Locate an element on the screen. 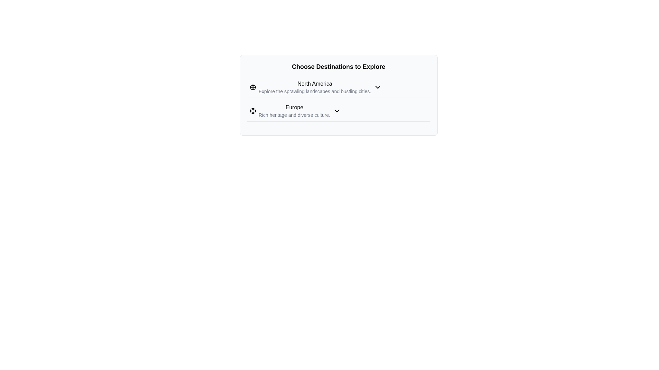 This screenshot has width=659, height=370. the text label that serves as the title header for the 'Europe' destination category, located under the heading 'Choose Destinations is located at coordinates (294, 107).